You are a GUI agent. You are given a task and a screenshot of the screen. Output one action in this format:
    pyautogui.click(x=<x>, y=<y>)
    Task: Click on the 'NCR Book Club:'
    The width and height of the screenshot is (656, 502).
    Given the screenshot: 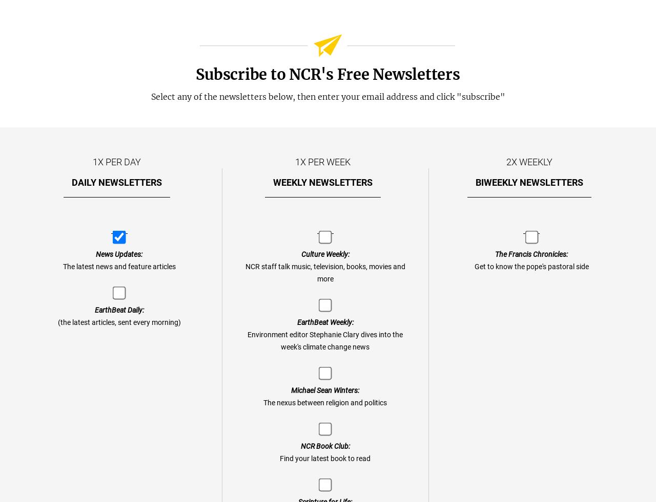 What is the action you would take?
    pyautogui.click(x=324, y=446)
    